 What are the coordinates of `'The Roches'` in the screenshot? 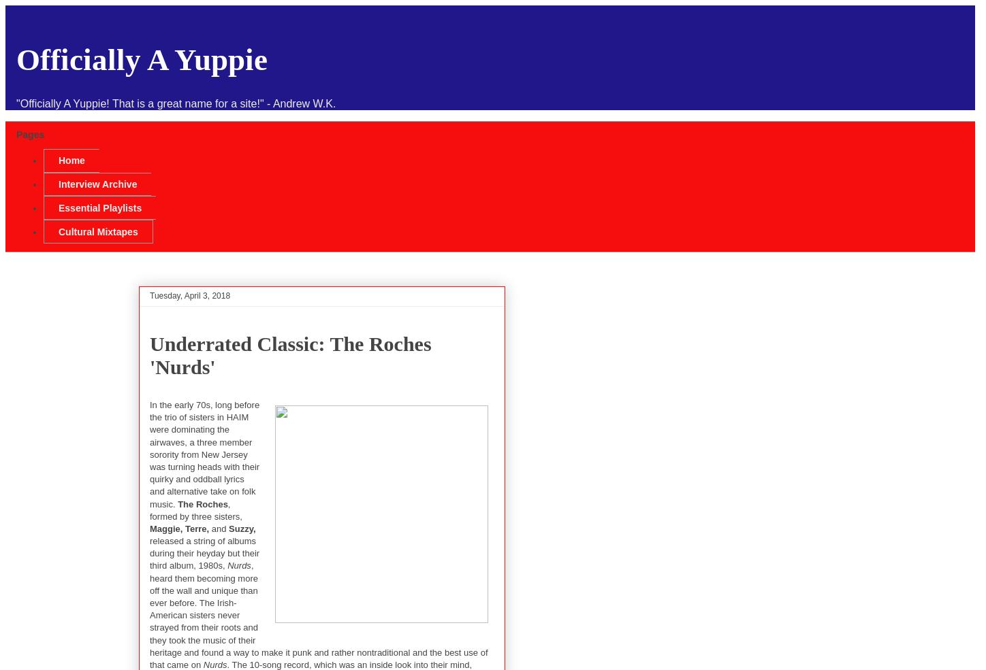 It's located at (177, 503).